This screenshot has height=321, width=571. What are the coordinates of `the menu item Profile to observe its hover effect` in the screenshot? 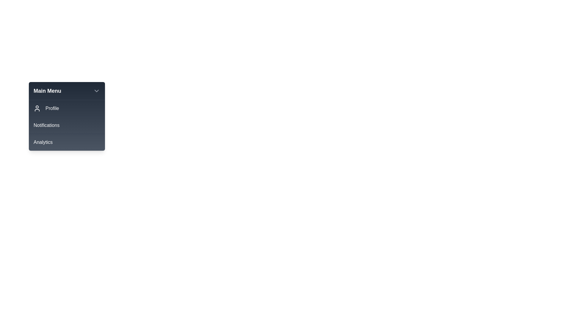 It's located at (67, 108).